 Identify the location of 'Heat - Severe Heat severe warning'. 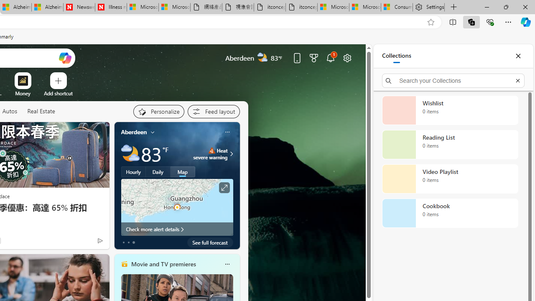
(210, 153).